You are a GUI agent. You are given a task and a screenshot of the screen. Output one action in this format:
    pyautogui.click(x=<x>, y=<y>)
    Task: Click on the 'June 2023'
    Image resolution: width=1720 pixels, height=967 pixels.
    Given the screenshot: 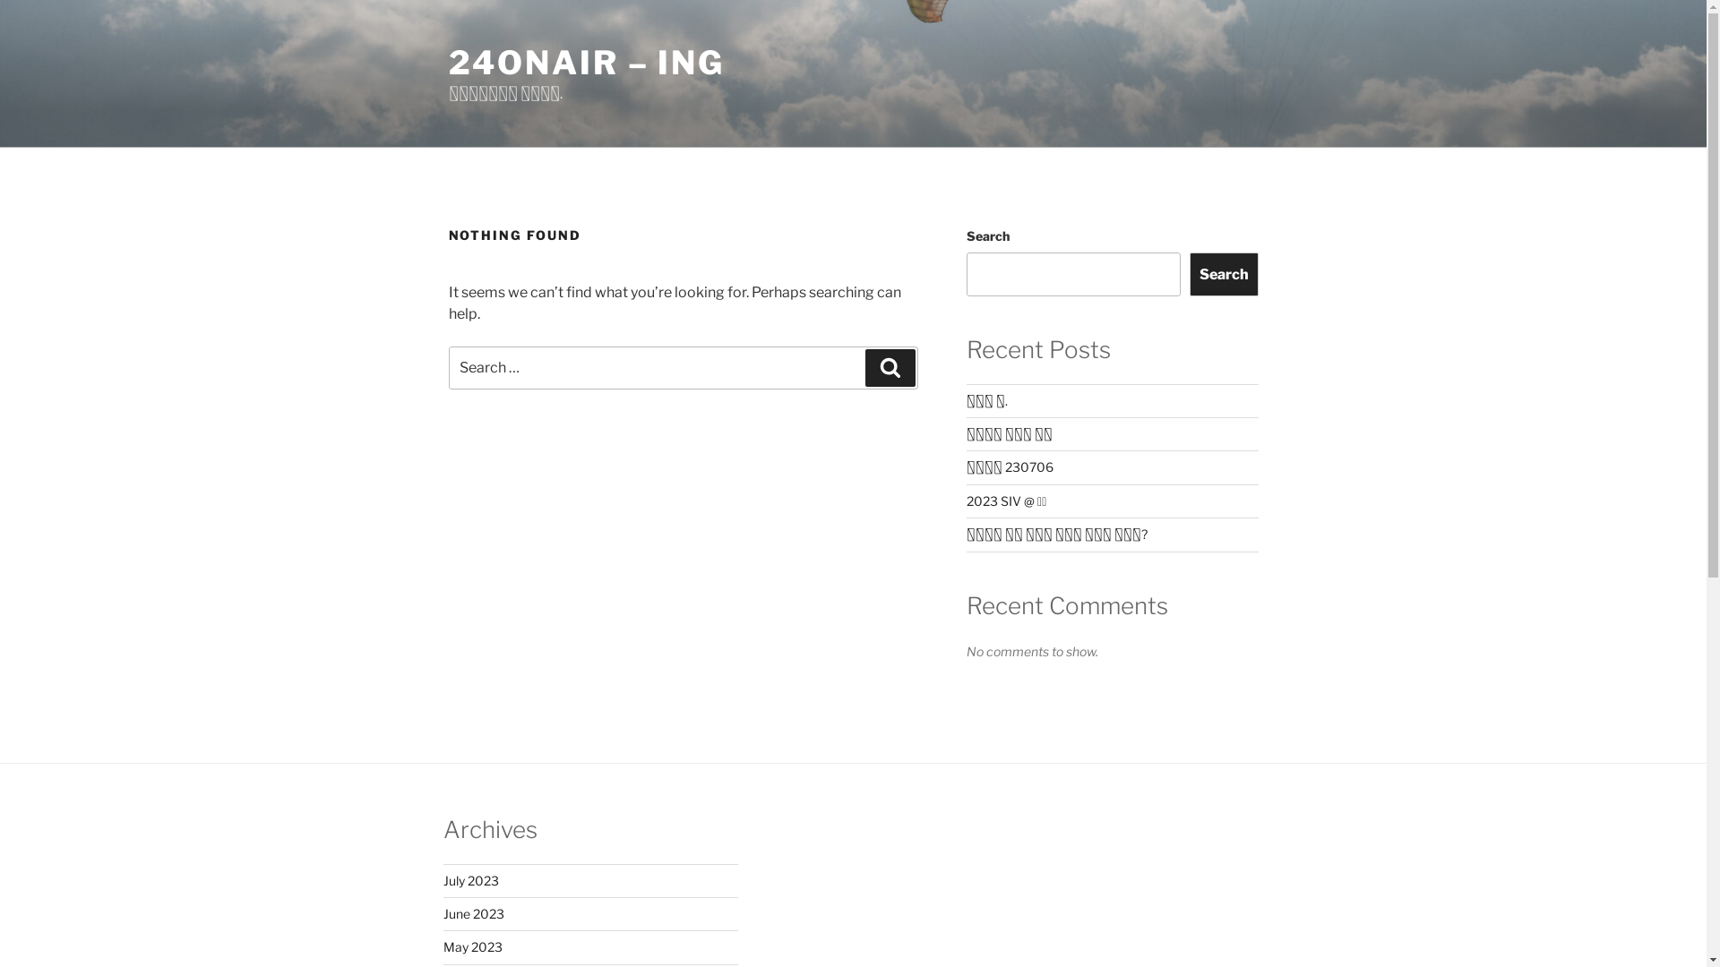 What is the action you would take?
    pyautogui.click(x=473, y=913)
    